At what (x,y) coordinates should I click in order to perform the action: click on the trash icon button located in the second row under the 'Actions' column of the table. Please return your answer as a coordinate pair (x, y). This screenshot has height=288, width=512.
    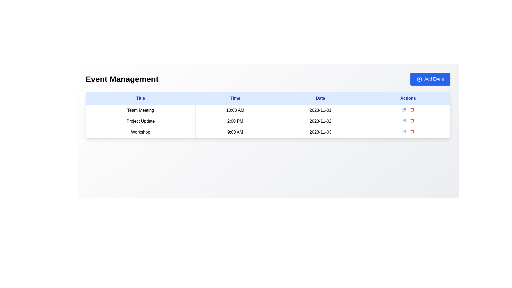
    Looking at the image, I should click on (412, 120).